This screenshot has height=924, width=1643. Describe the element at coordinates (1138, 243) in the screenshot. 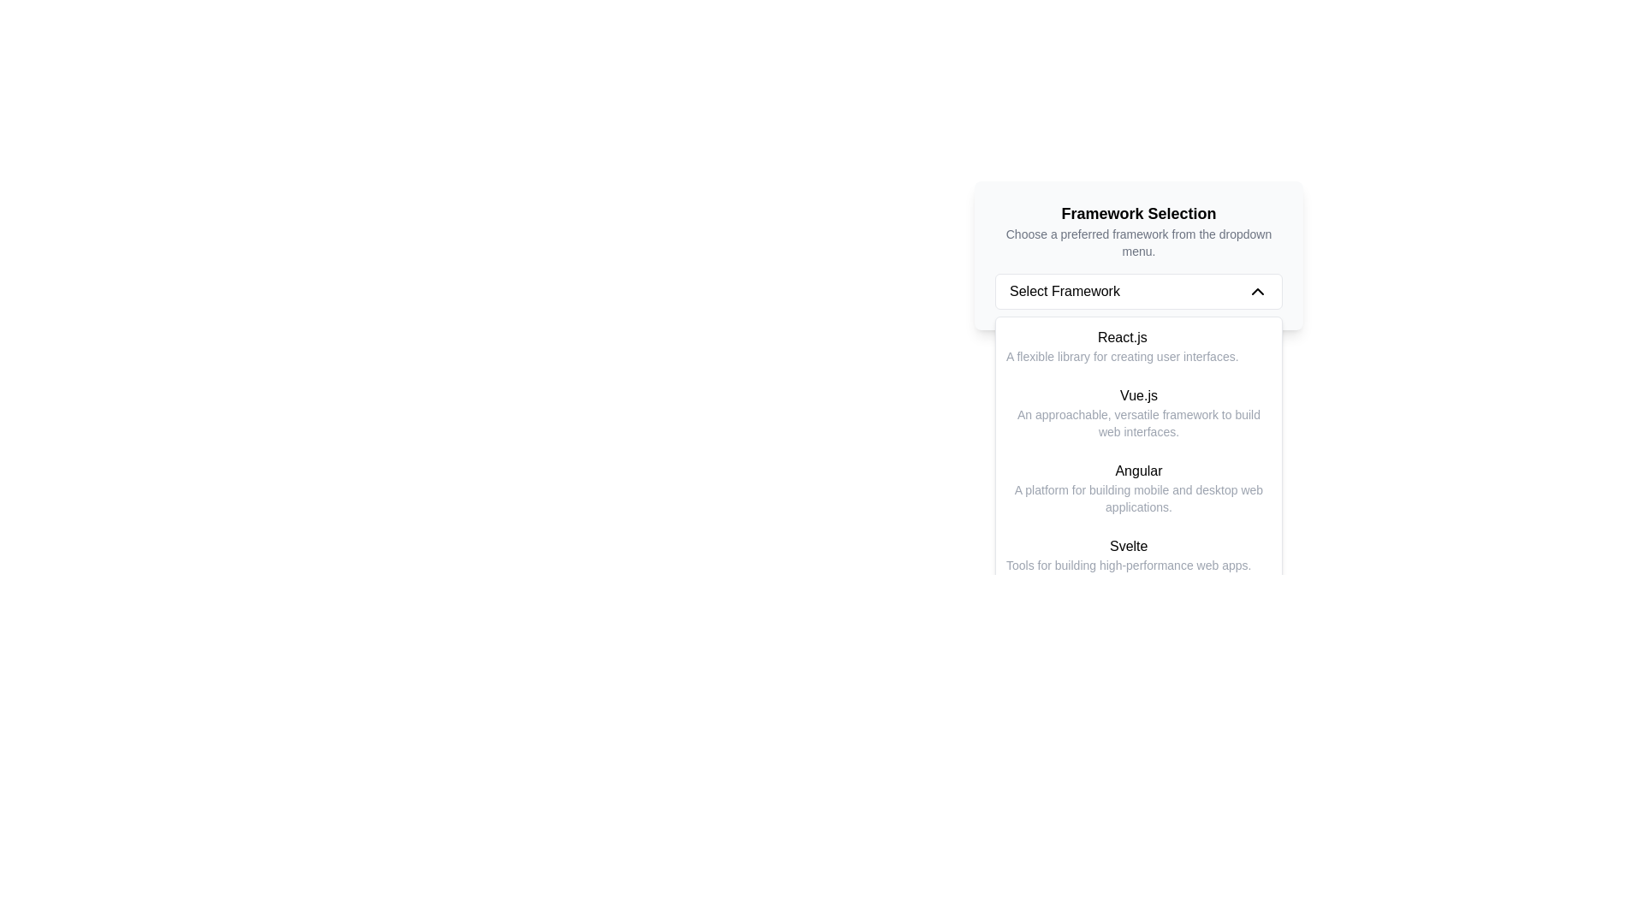

I see `the instructional text element located below the title 'Framework Selection' and above the dropdown menu labeled 'Select Framework'` at that location.